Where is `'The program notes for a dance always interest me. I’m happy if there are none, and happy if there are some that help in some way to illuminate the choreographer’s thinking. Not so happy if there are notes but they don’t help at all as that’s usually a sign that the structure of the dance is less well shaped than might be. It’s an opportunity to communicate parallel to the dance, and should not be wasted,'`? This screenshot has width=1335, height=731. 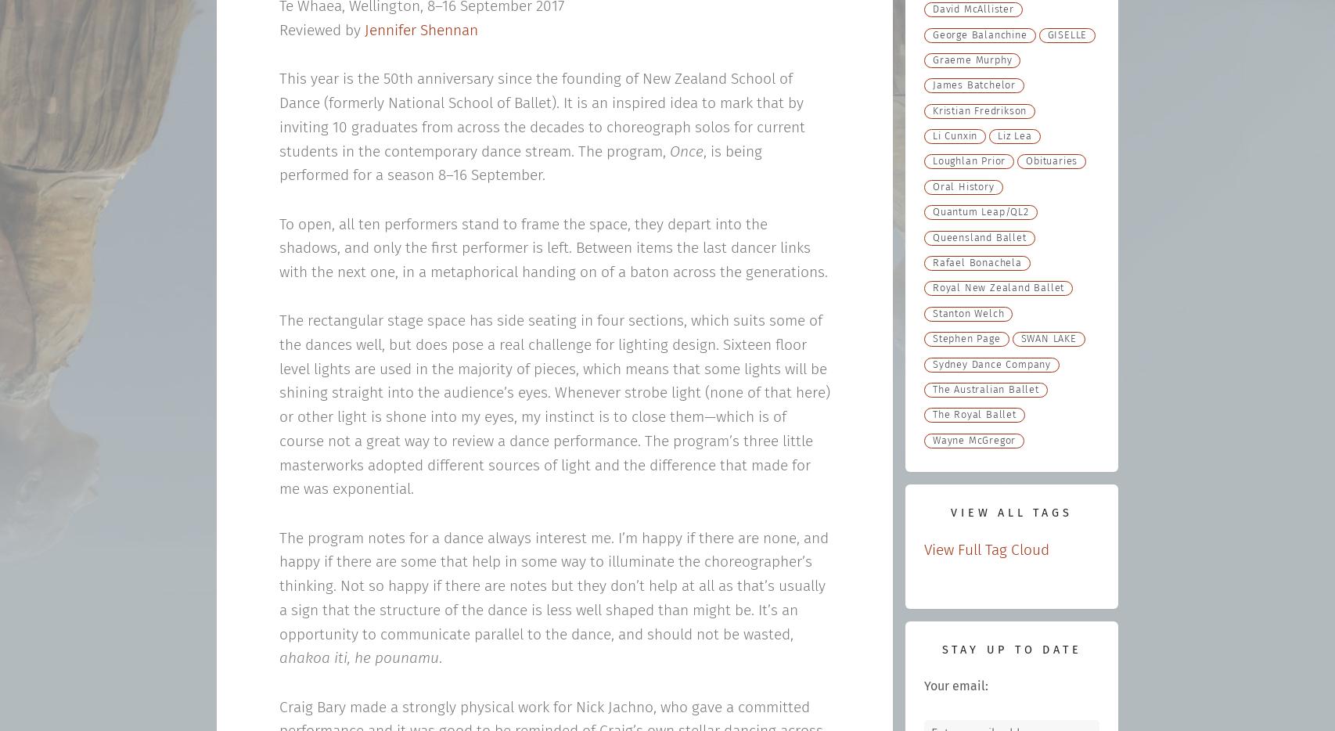 'The program notes for a dance always interest me. I’m happy if there are none, and happy if there are some that help in some way to illuminate the choreographer’s thinking. Not so happy if there are notes but they don’t help at all as that’s usually a sign that the structure of the dance is less well shaped than might be. It’s an opportunity to communicate parallel to the dance, and should not be wasted,' is located at coordinates (552, 585).